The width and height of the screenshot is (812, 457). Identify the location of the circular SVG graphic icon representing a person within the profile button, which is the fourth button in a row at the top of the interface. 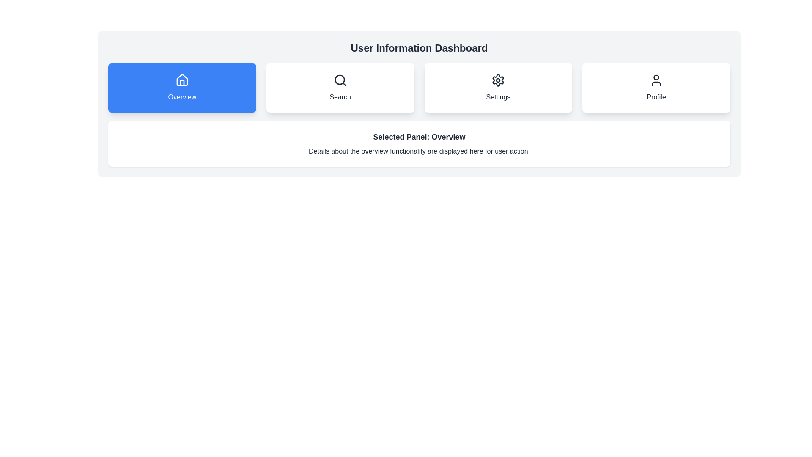
(656, 77).